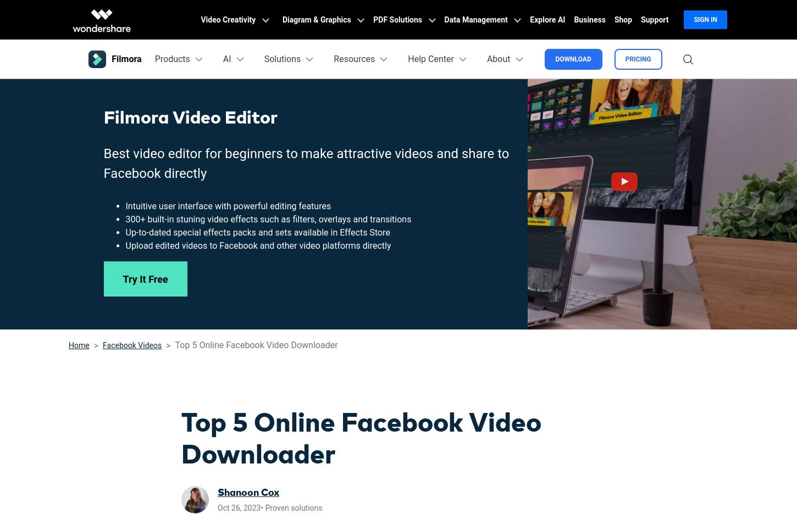 This screenshot has height=514, width=797. What do you see at coordinates (589, 19) in the screenshot?
I see `'Business'` at bounding box center [589, 19].